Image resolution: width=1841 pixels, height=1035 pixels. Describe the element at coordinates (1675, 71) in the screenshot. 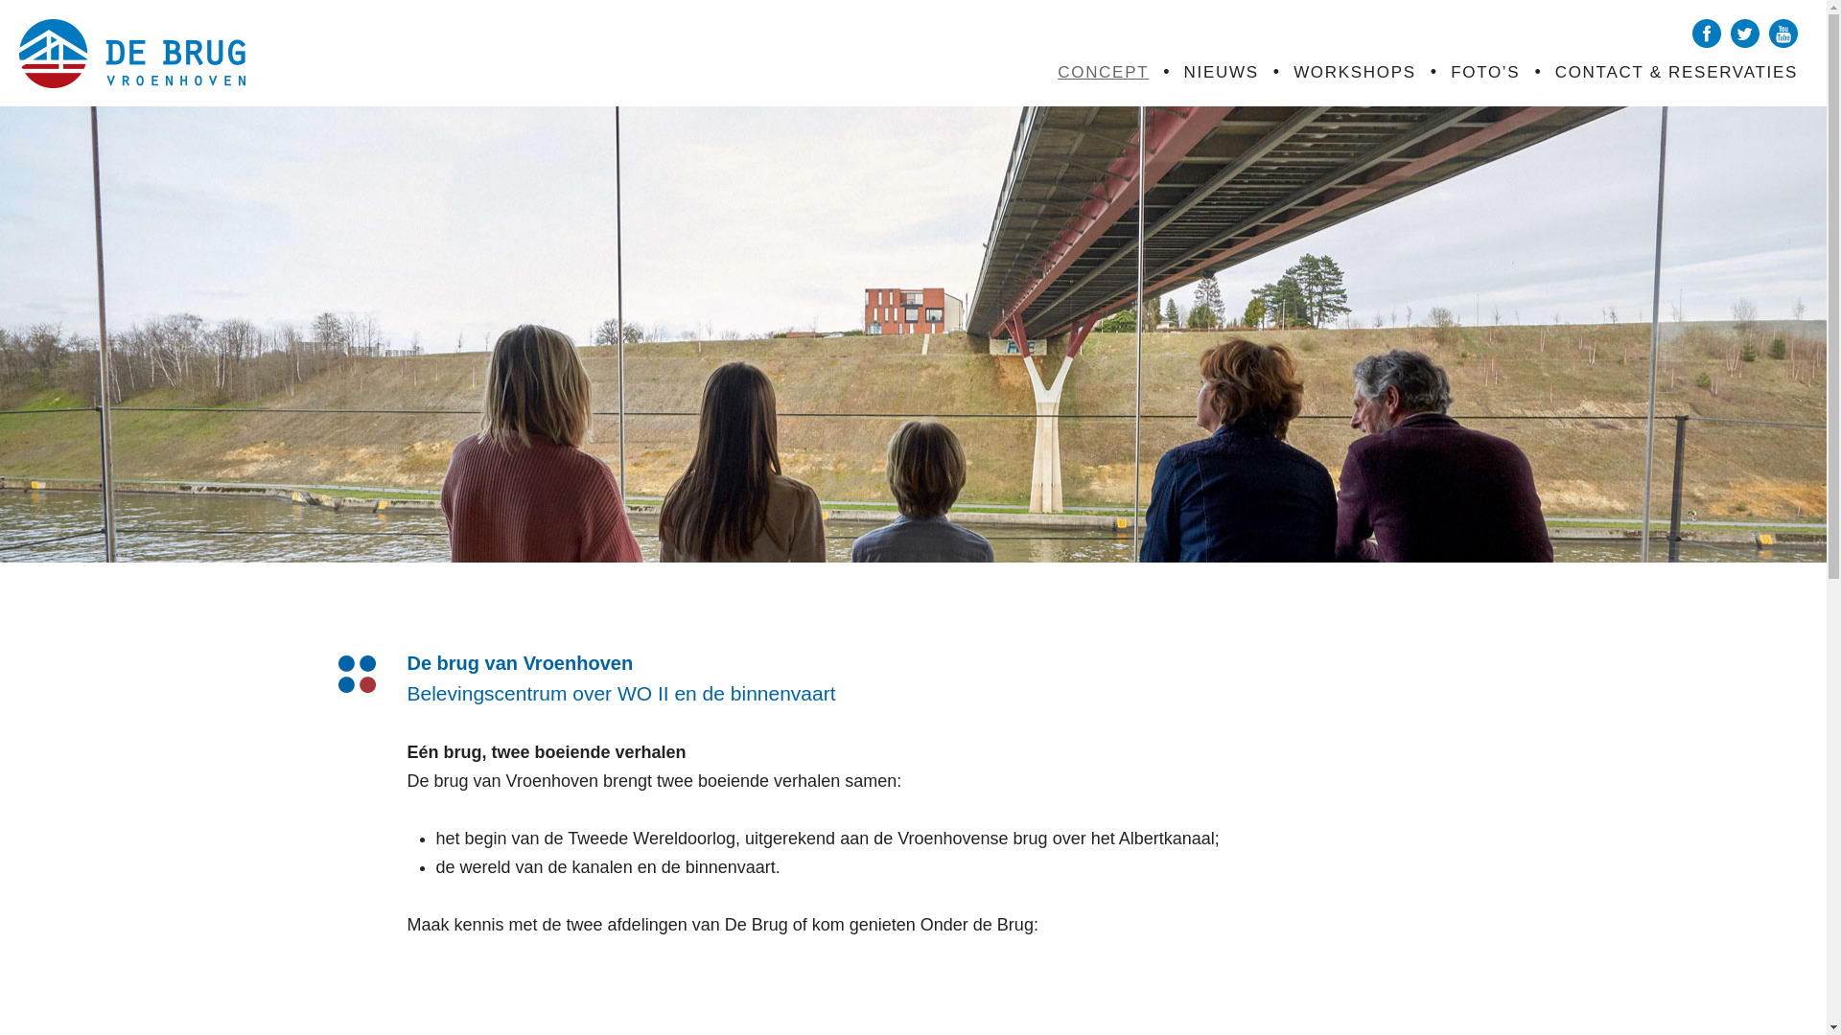

I see `'CONTACT & RESERVATIES'` at that location.